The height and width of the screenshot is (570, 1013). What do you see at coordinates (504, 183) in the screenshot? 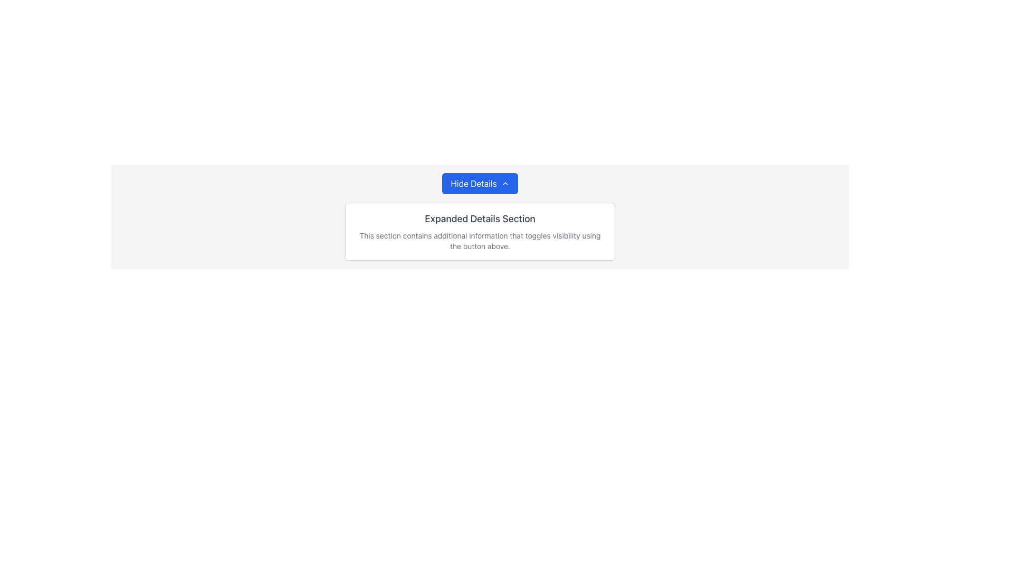
I see `the upward-facing chevron icon located at the rightmost side of the blue button labeled 'Hide Details' for status indication` at bounding box center [504, 183].